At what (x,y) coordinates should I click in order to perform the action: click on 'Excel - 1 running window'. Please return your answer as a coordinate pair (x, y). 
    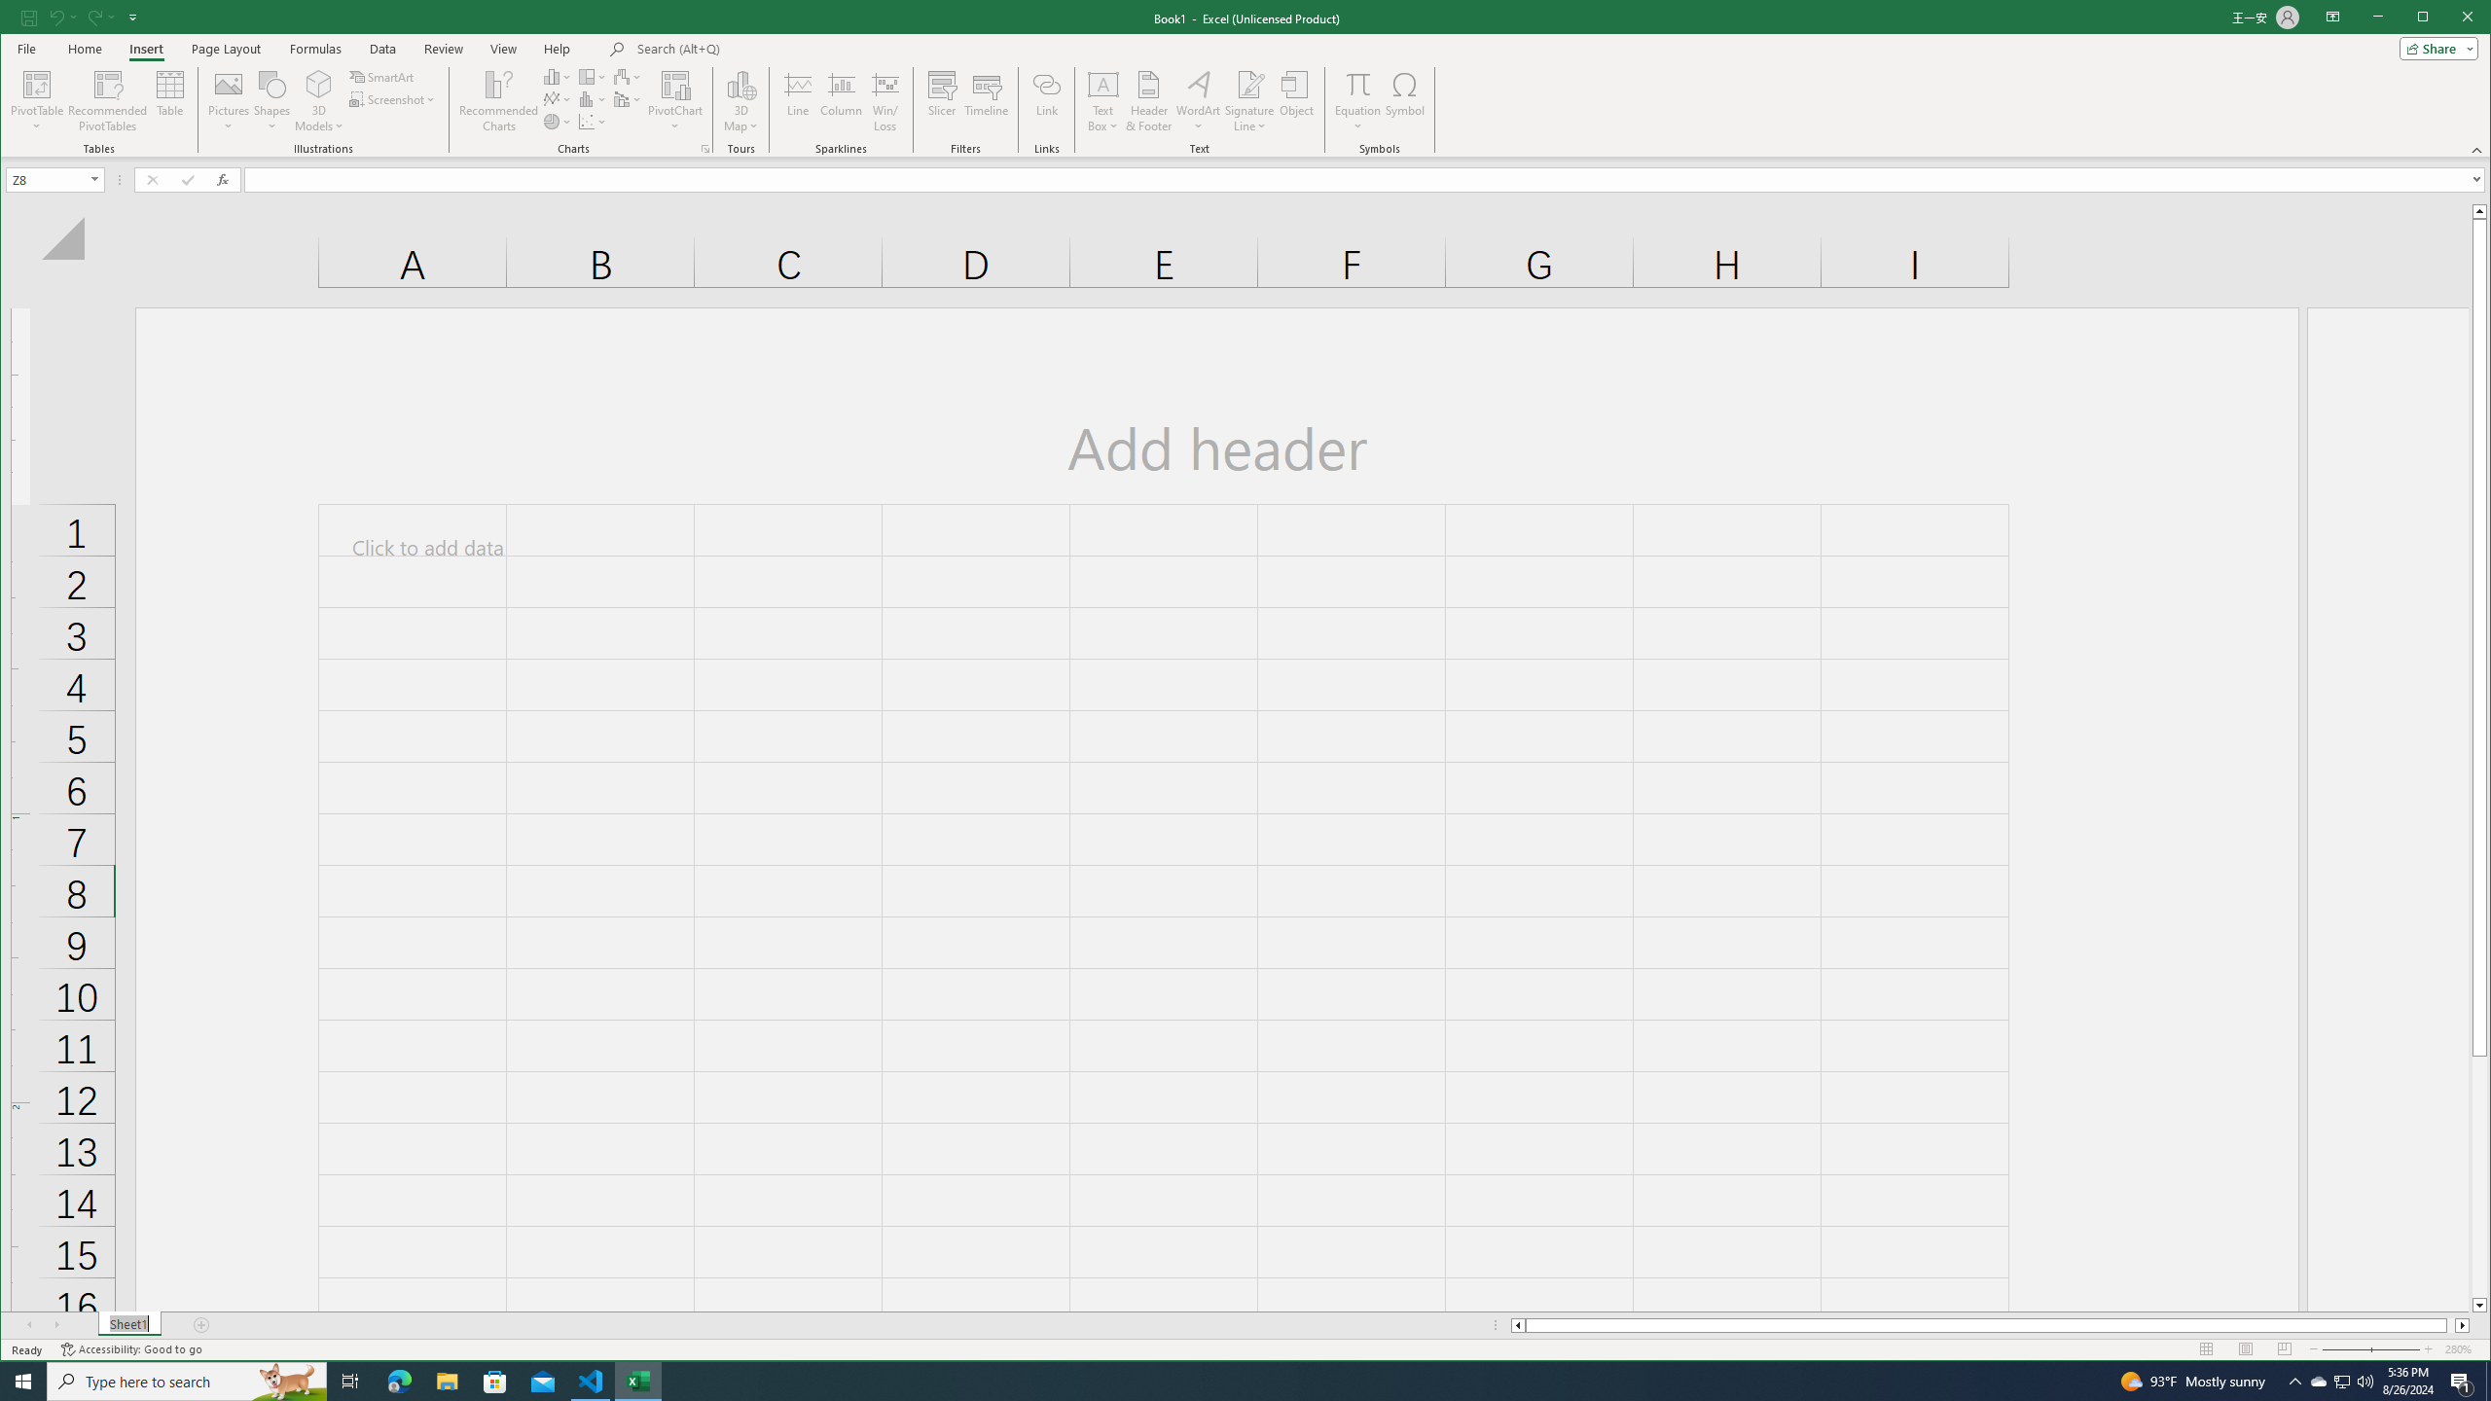
    Looking at the image, I should click on (638, 1380).